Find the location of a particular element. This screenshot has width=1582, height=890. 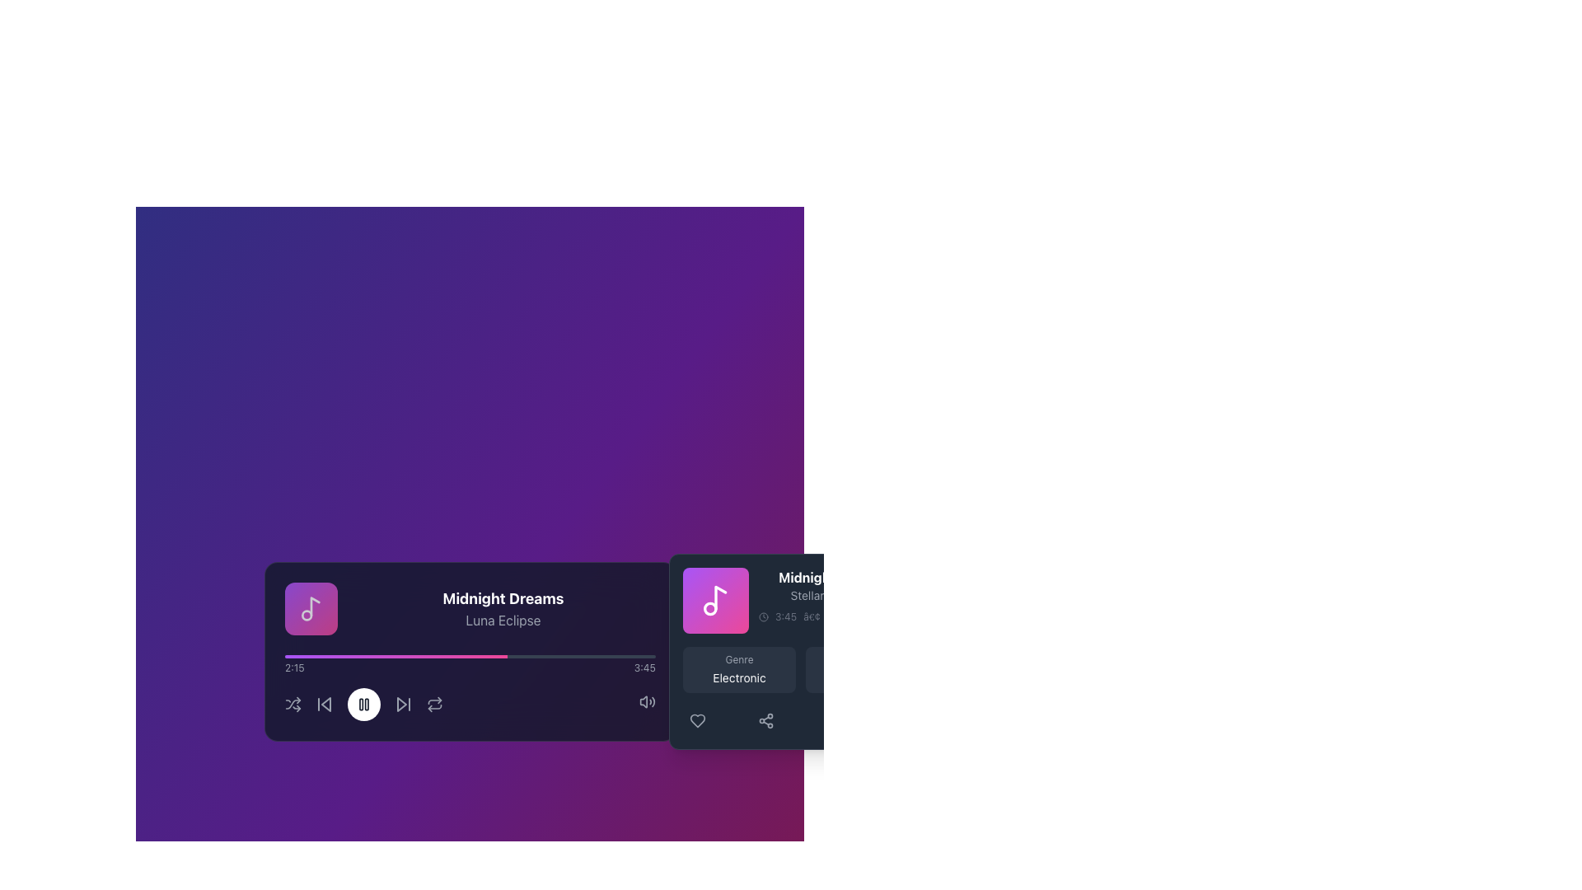

the Decorative audio volume icon, which is a geometric icon resembling a speaker, located at the bottom-right of the interface adjacent to the music player is located at coordinates (642, 702).